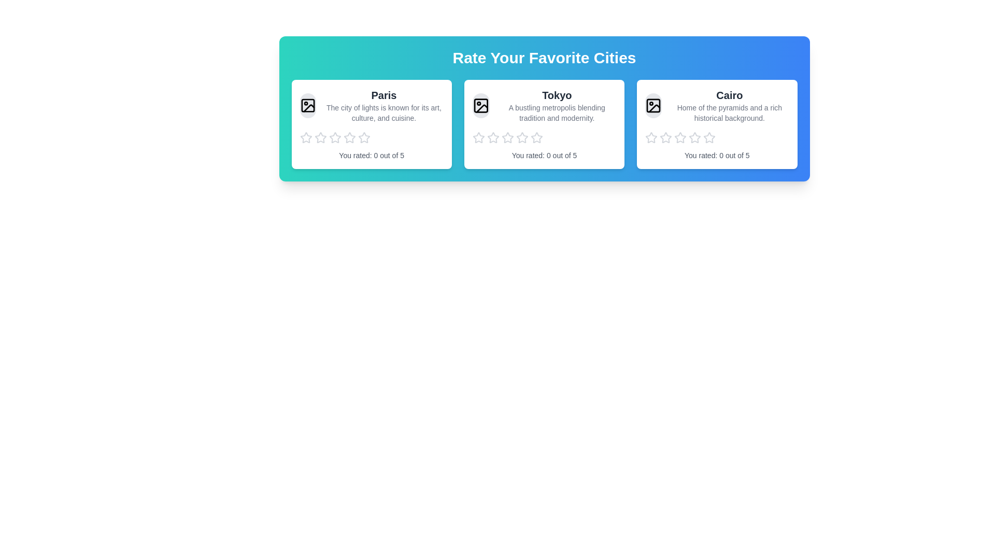 The image size is (995, 560). What do you see at coordinates (492, 137) in the screenshot?
I see `the second star-shaped icon in the 5-star rating component for the 'Tokyo' card to give a 2-star rating` at bounding box center [492, 137].